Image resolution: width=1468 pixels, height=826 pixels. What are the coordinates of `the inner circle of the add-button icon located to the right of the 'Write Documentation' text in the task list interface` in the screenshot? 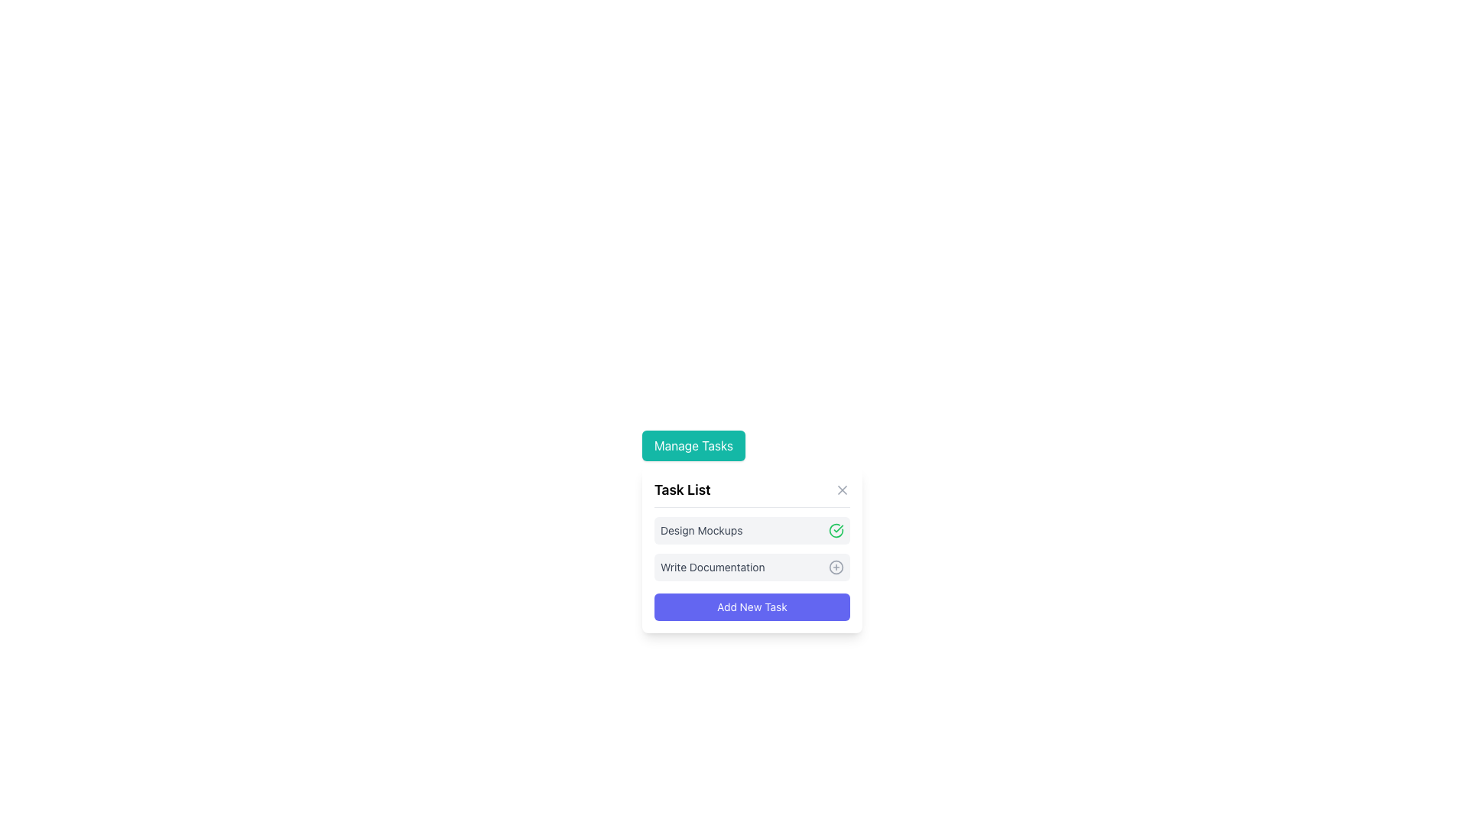 It's located at (836, 567).